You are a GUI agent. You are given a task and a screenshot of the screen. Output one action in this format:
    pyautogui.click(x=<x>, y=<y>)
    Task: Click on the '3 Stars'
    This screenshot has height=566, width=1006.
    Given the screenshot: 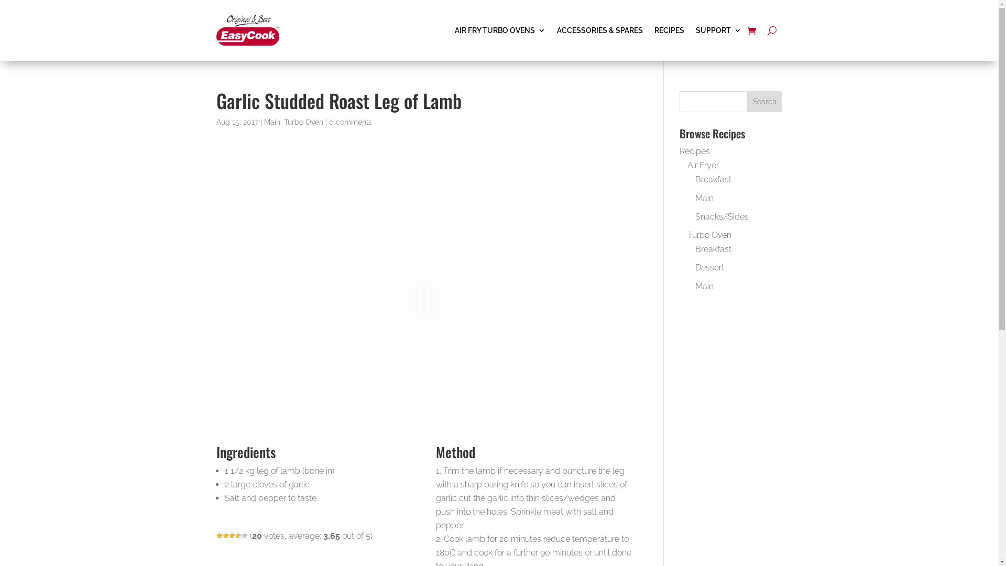 What is the action you would take?
    pyautogui.click(x=231, y=536)
    